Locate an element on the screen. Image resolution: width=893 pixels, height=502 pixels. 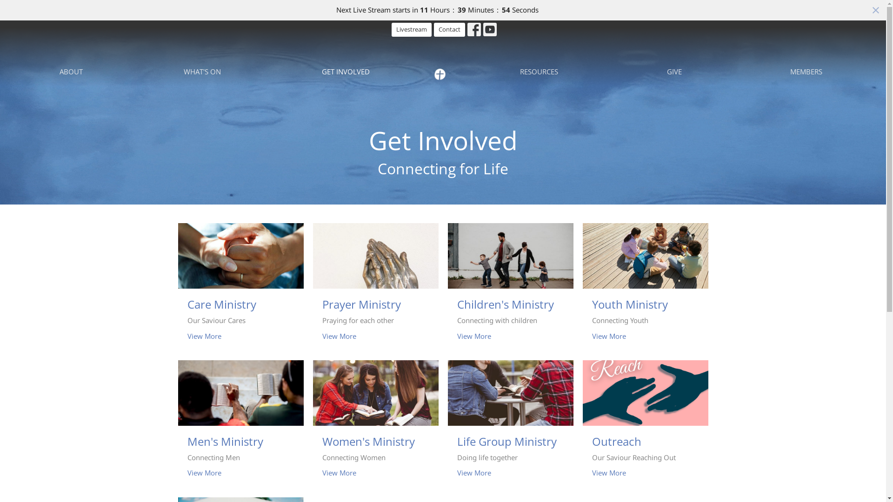
'Men's Ministry is located at coordinates (240, 424).